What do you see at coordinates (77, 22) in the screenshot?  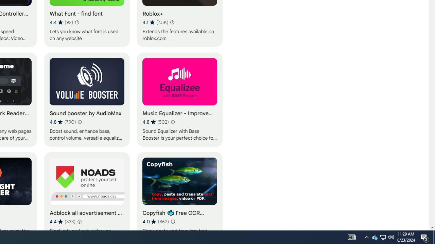 I see `'Learn more about results and reviews "What Font - find font"'` at bounding box center [77, 22].